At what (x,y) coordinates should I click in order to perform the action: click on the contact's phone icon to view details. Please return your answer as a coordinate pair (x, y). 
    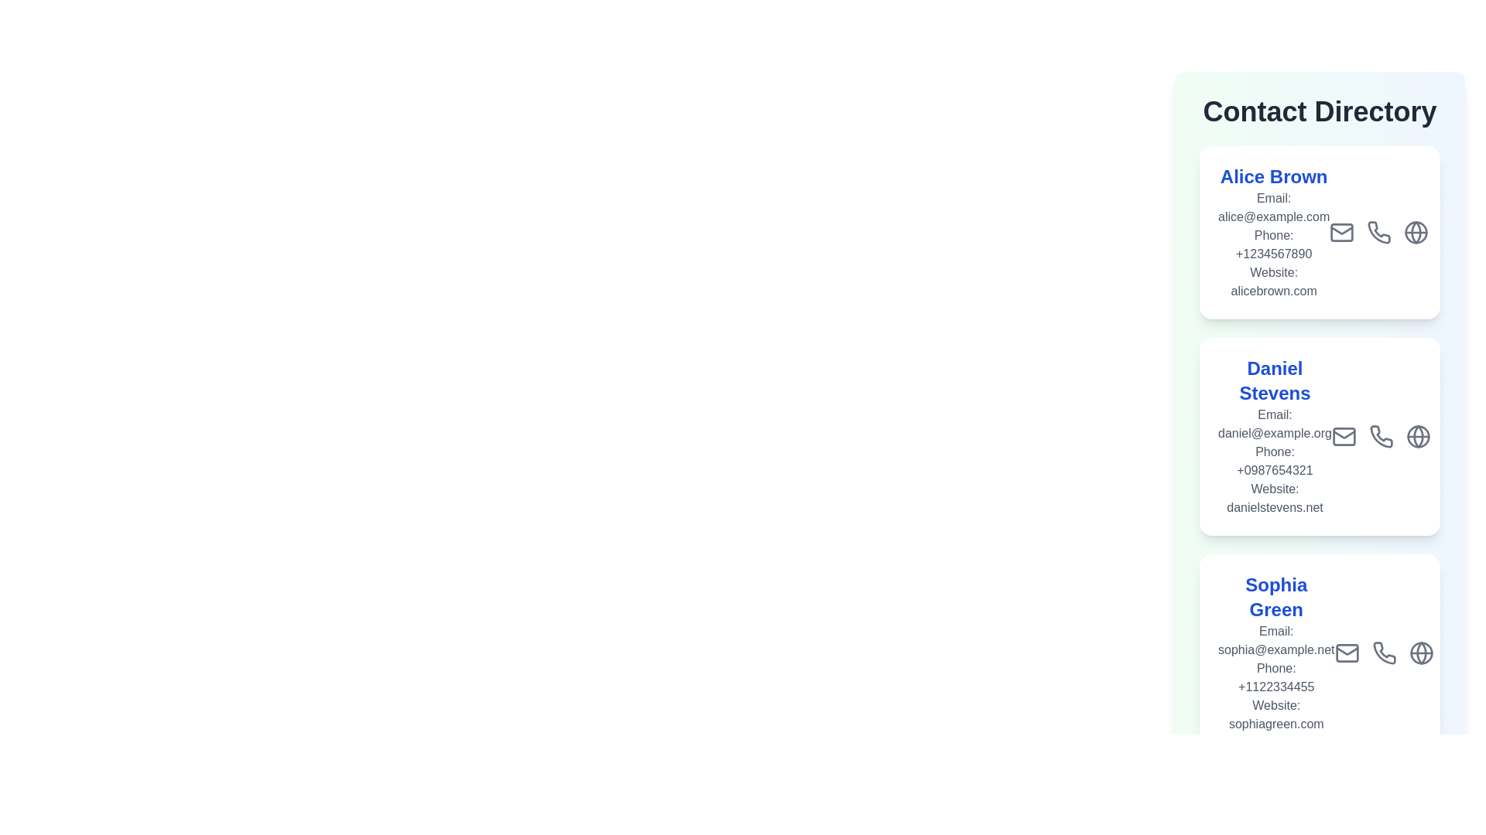
    Looking at the image, I should click on (1378, 232).